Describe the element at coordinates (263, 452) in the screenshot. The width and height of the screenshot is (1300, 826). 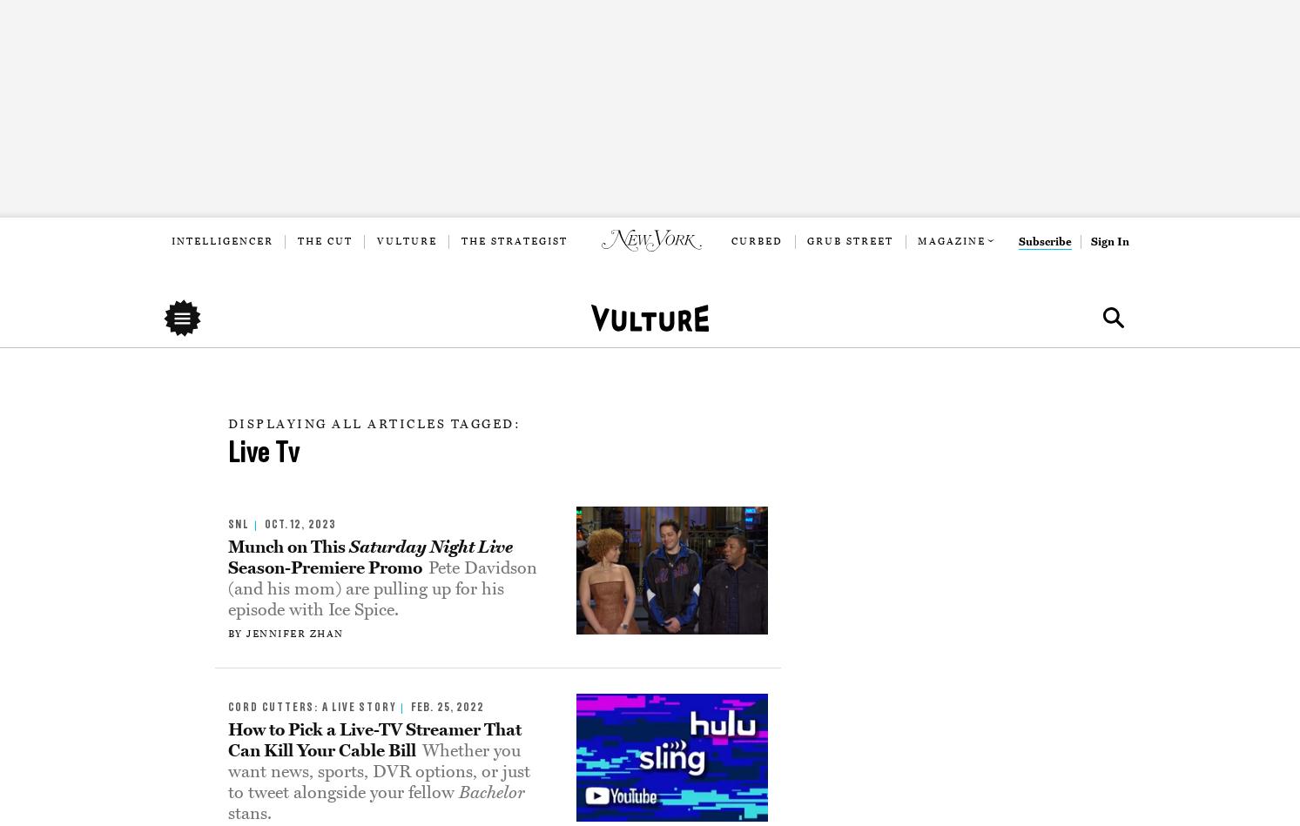
I see `'Live Tv'` at that location.